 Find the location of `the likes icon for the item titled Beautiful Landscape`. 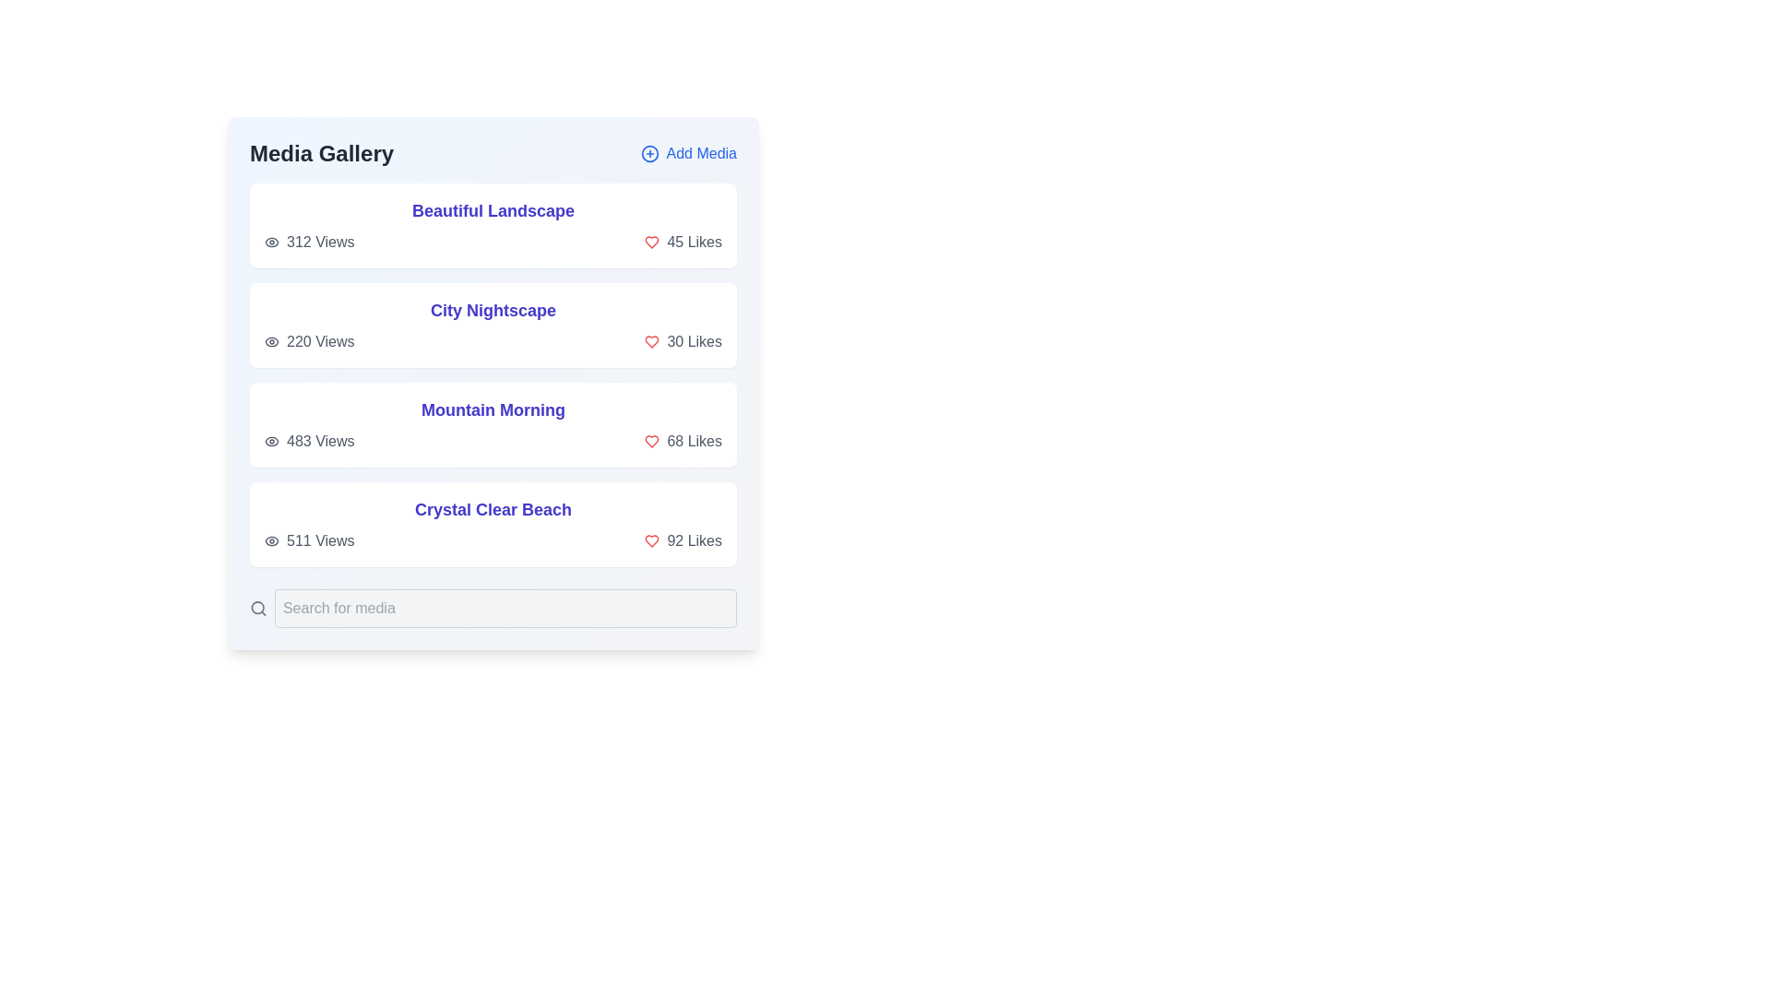

the likes icon for the item titled Beautiful Landscape is located at coordinates (651, 241).